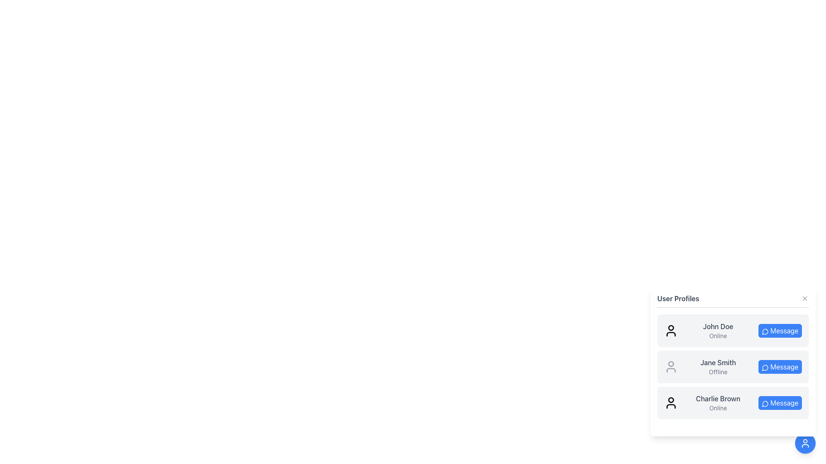 This screenshot has height=464, width=826. What do you see at coordinates (805, 443) in the screenshot?
I see `the action button located at the bottom-right corner of the interface` at bounding box center [805, 443].